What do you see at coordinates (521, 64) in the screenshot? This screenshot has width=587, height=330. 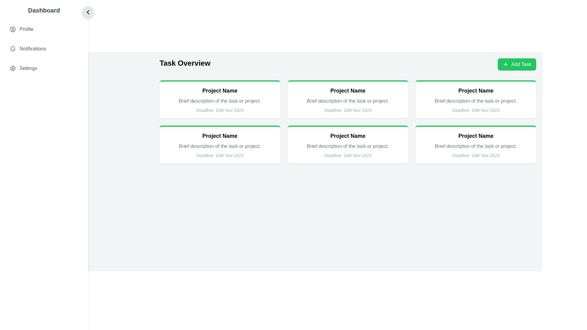 I see `the button containing the label for adding a new task located at the top-right corner of the main panel, adjacent to the '+' icon` at bounding box center [521, 64].